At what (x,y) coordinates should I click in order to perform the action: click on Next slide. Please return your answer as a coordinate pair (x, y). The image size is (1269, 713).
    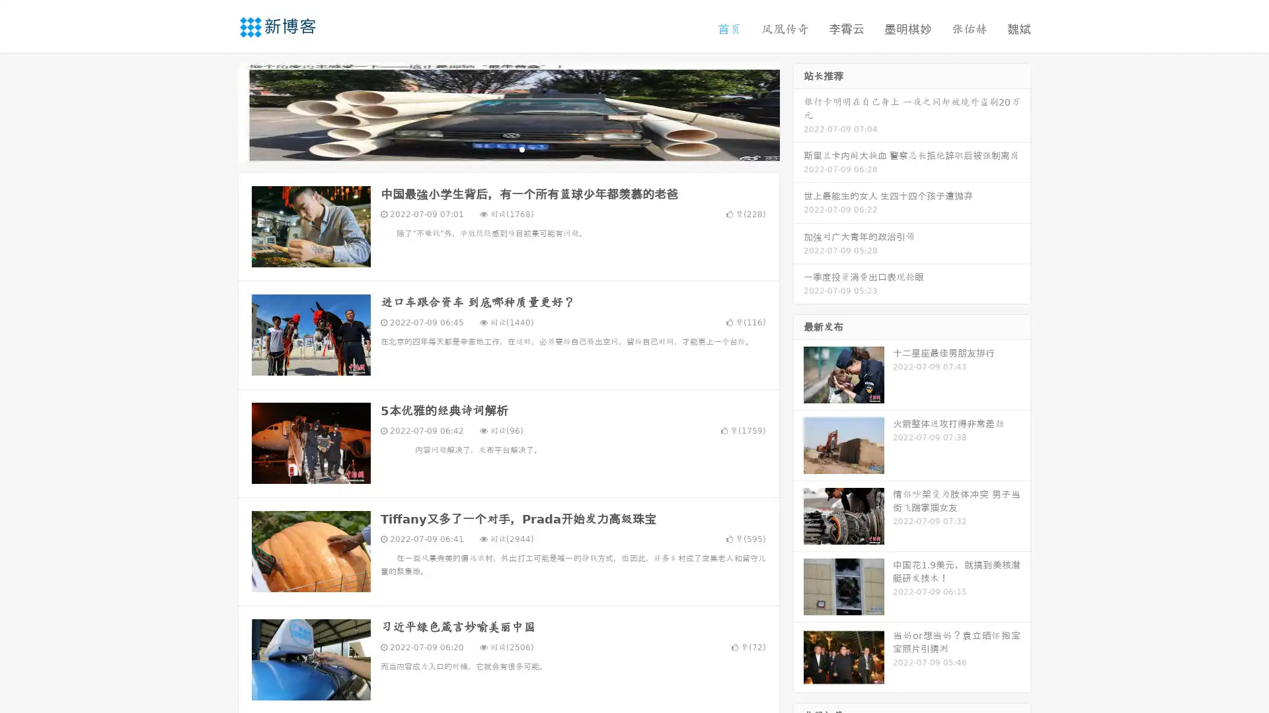
    Looking at the image, I should click on (798, 111).